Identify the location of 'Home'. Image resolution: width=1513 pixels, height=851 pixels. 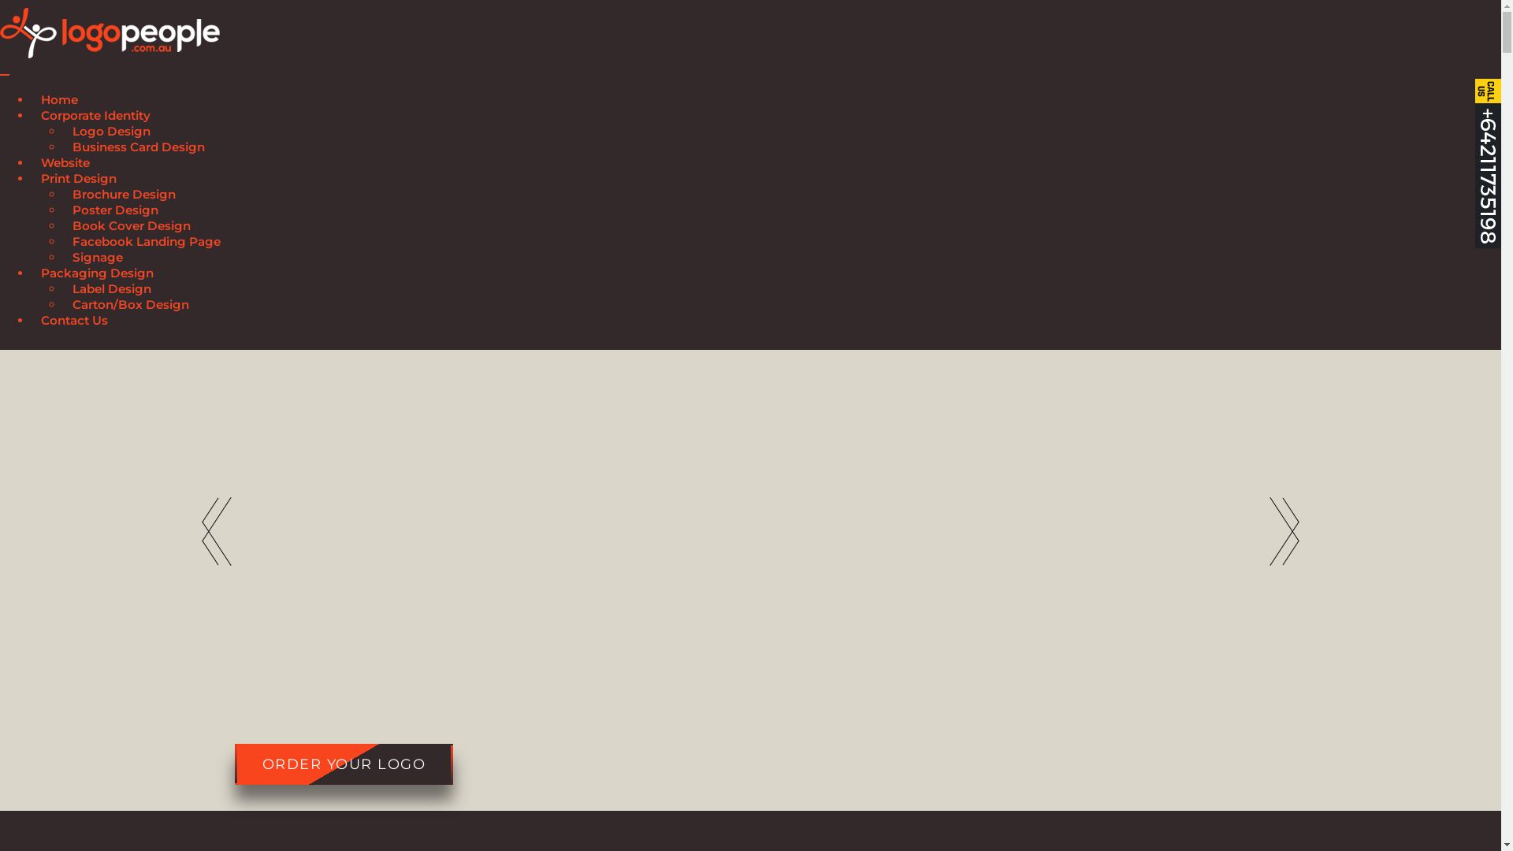
(59, 102).